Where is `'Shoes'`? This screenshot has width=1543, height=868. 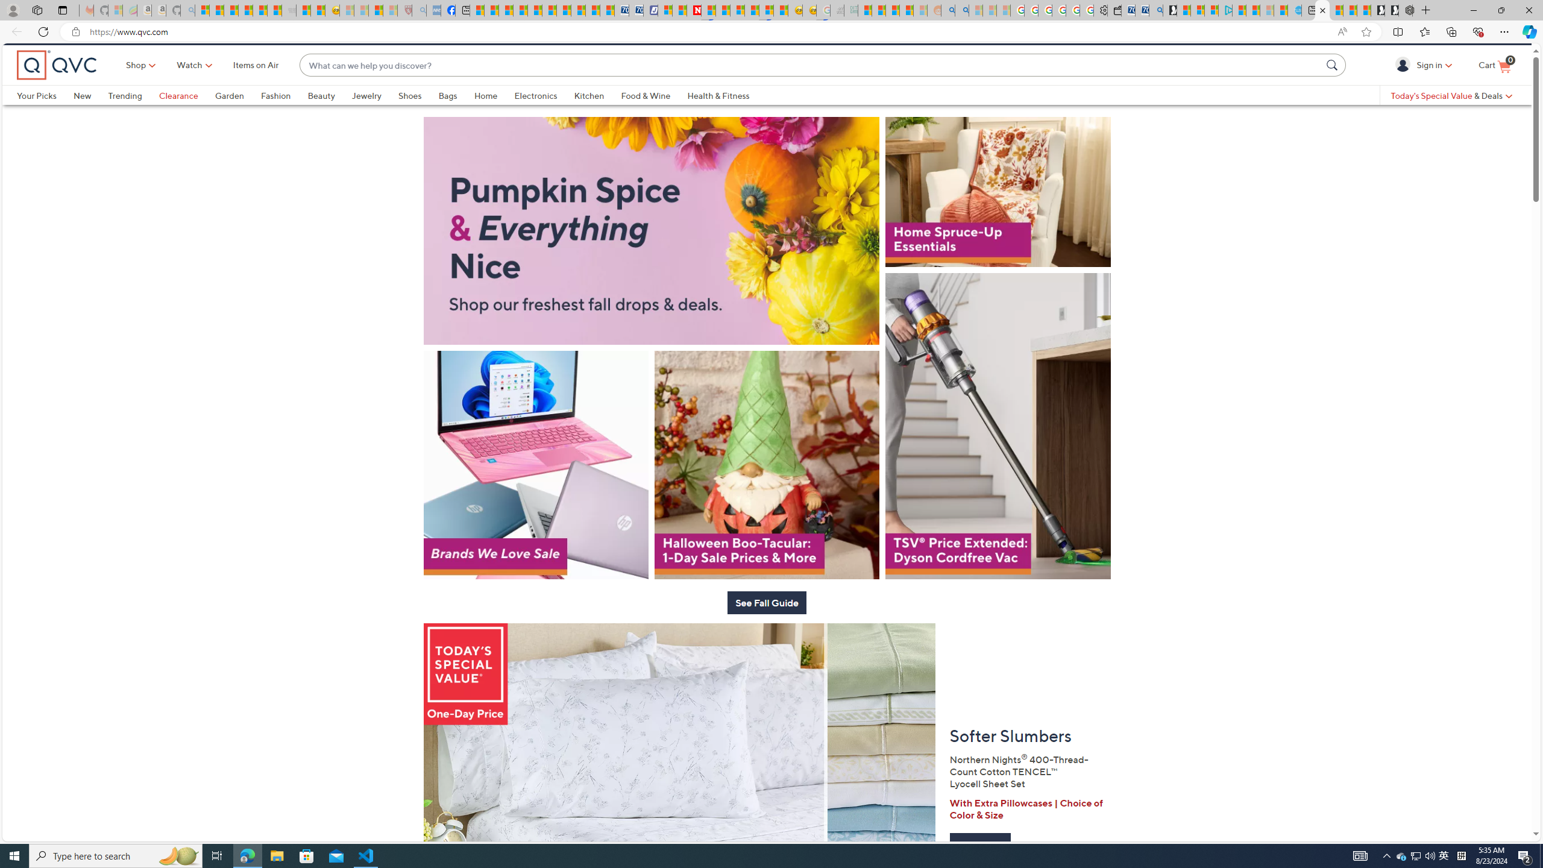 'Shoes' is located at coordinates (409, 115).